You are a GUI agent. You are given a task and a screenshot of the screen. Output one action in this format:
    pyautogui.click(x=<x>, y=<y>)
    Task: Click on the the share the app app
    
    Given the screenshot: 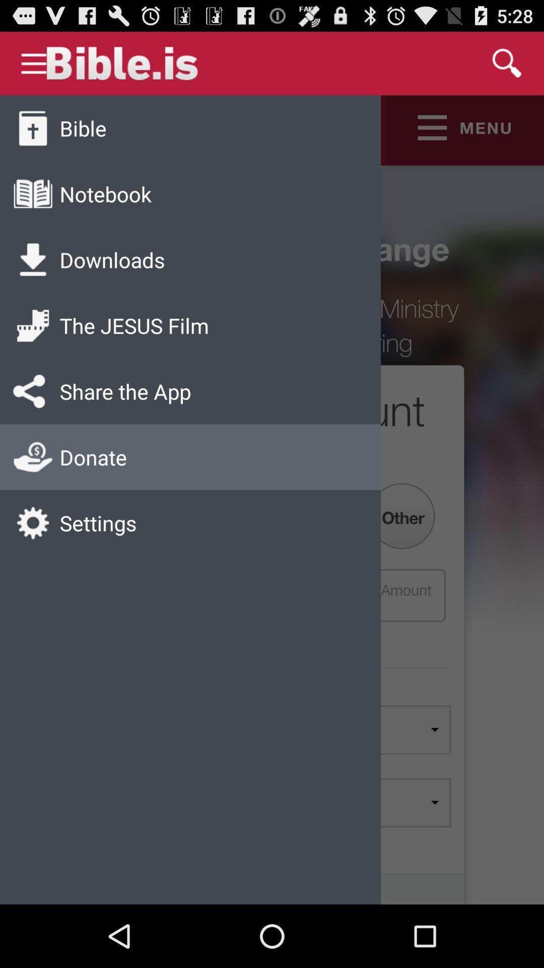 What is the action you would take?
    pyautogui.click(x=125, y=391)
    